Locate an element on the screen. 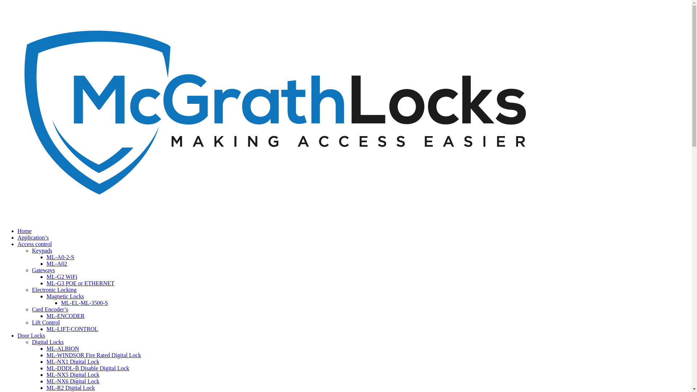 The width and height of the screenshot is (697, 392). 'Digital Locks' is located at coordinates (47, 342).